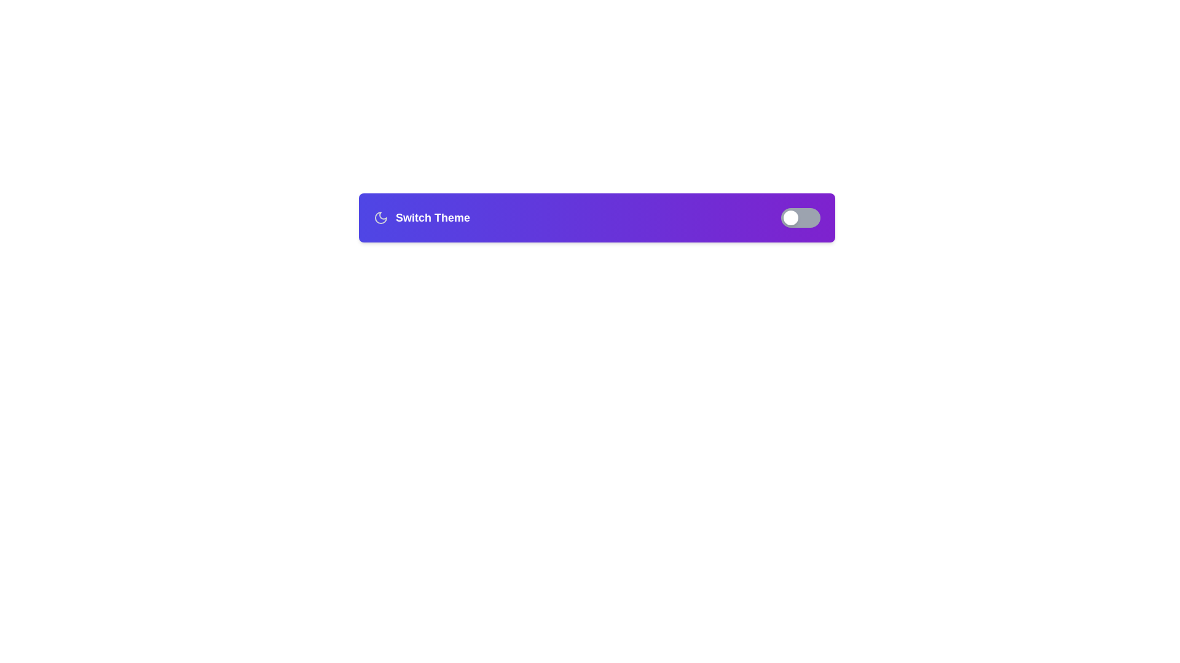 This screenshot has width=1180, height=663. Describe the element at coordinates (380, 217) in the screenshot. I see `the theme-switching icon located to the left of the 'Switch Theme' text` at that location.